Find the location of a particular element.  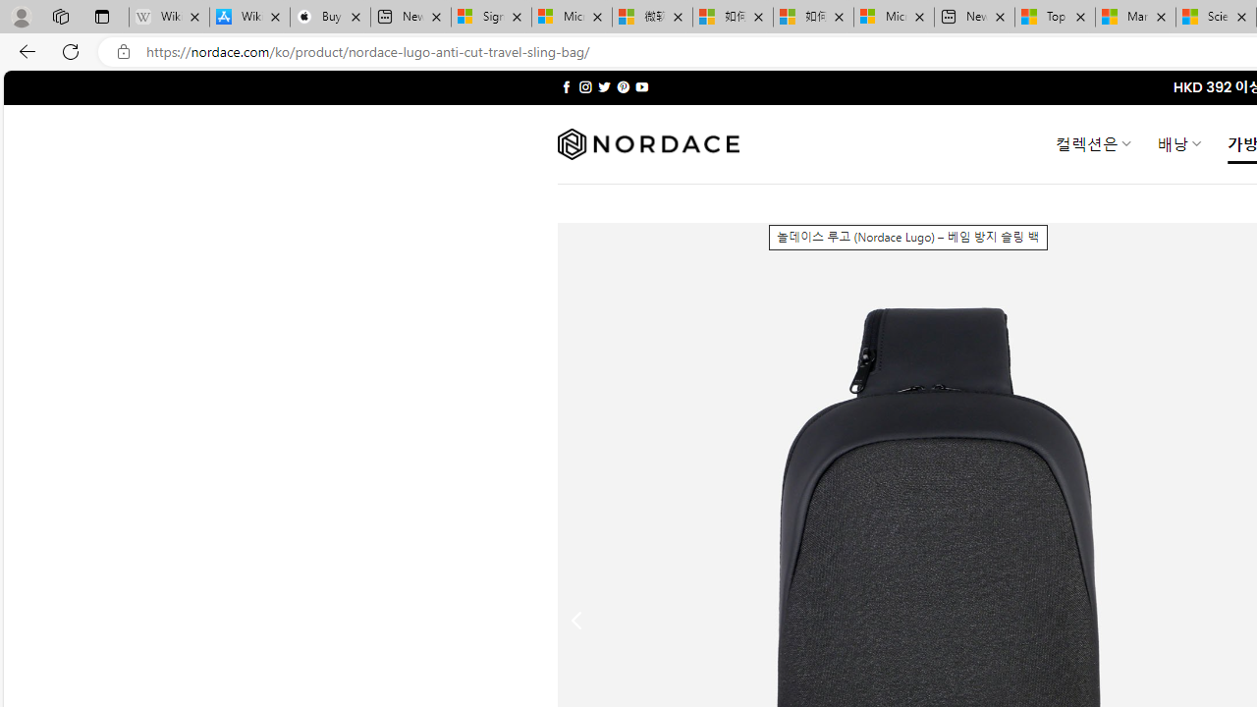

'Follow on Instagram' is located at coordinates (584, 86).